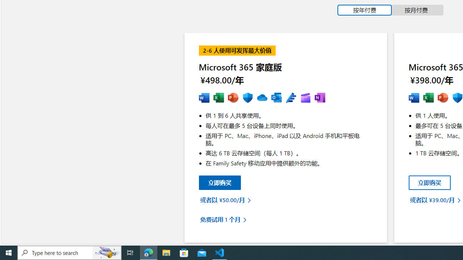  I want to click on 'MS Outlook', so click(276, 98).